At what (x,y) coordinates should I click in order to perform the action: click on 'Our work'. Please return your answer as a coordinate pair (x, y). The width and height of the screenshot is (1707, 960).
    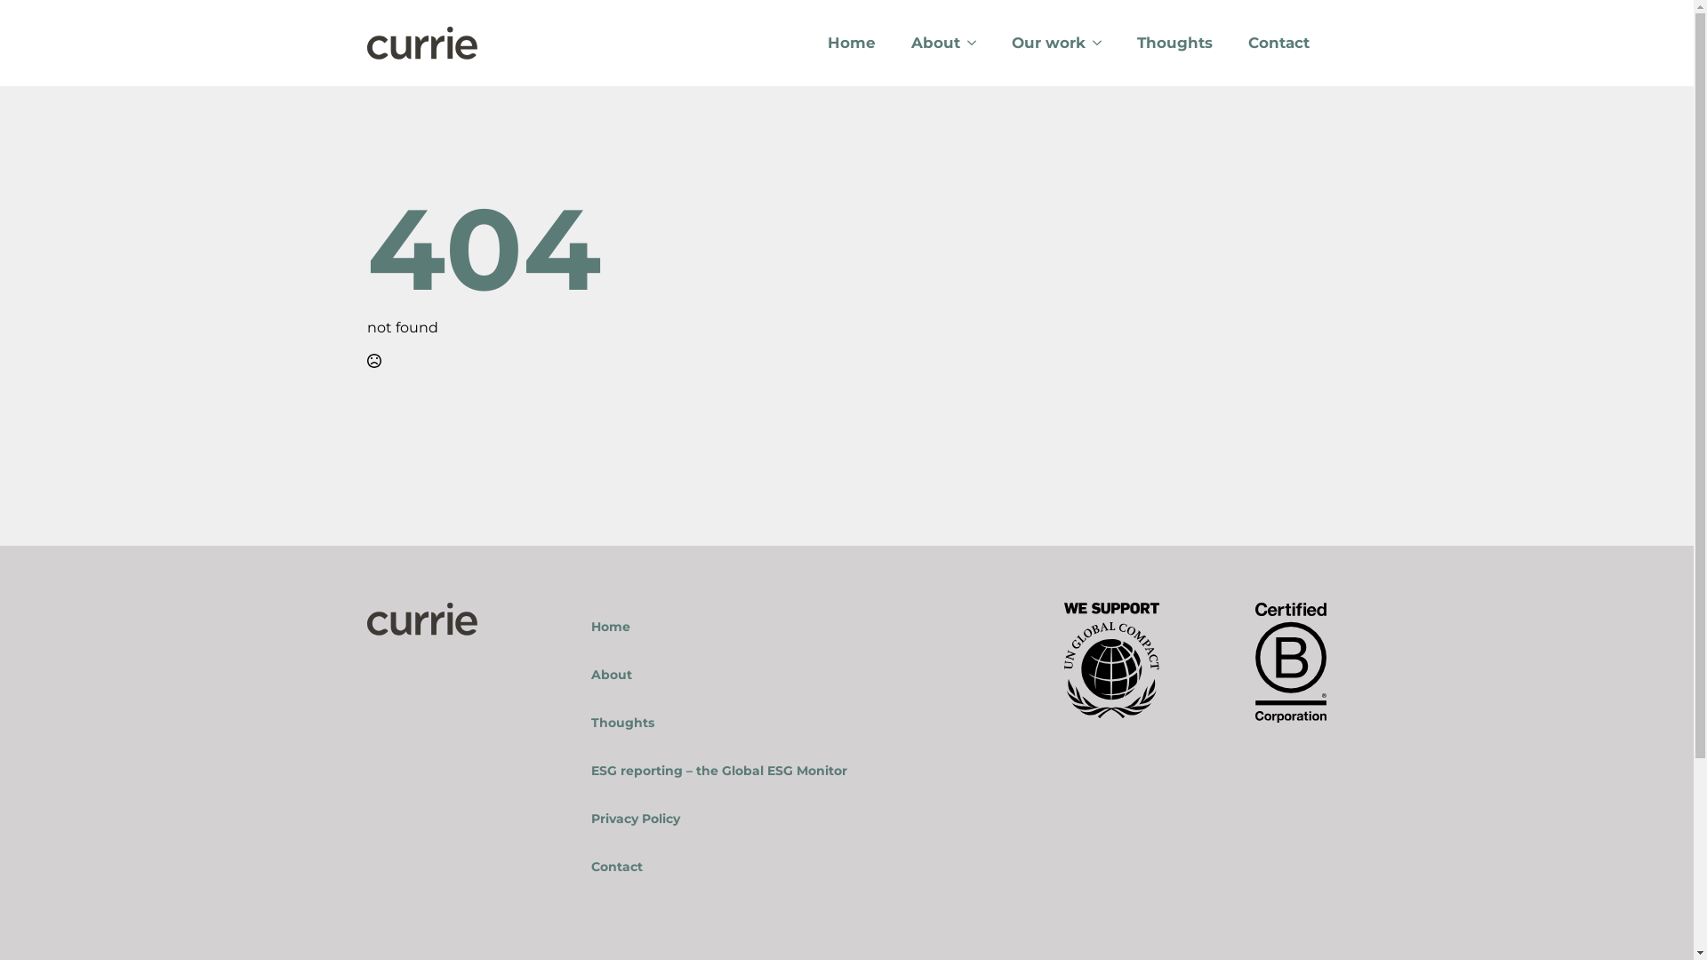
    Looking at the image, I should click on (1039, 42).